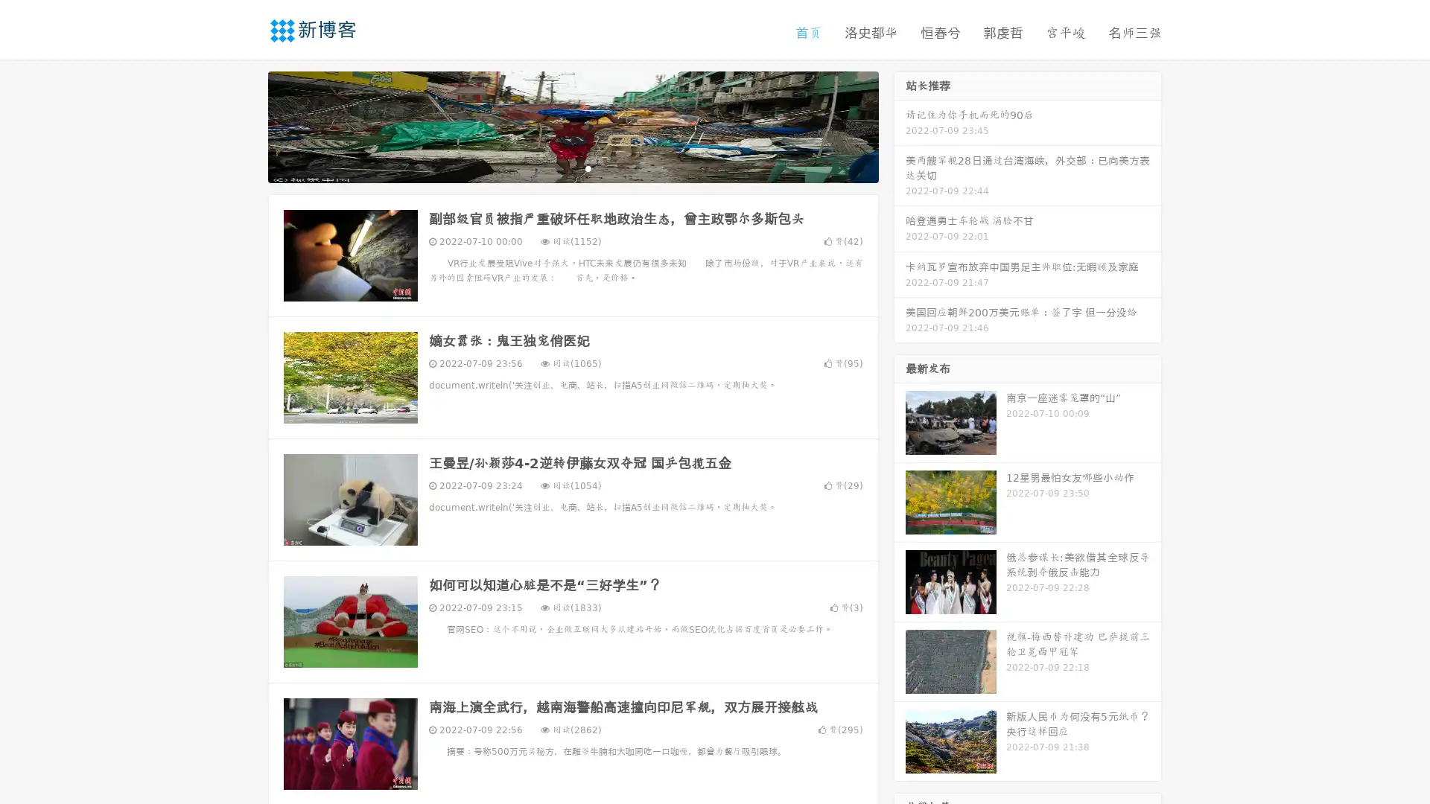  What do you see at coordinates (246, 125) in the screenshot?
I see `Previous slide` at bounding box center [246, 125].